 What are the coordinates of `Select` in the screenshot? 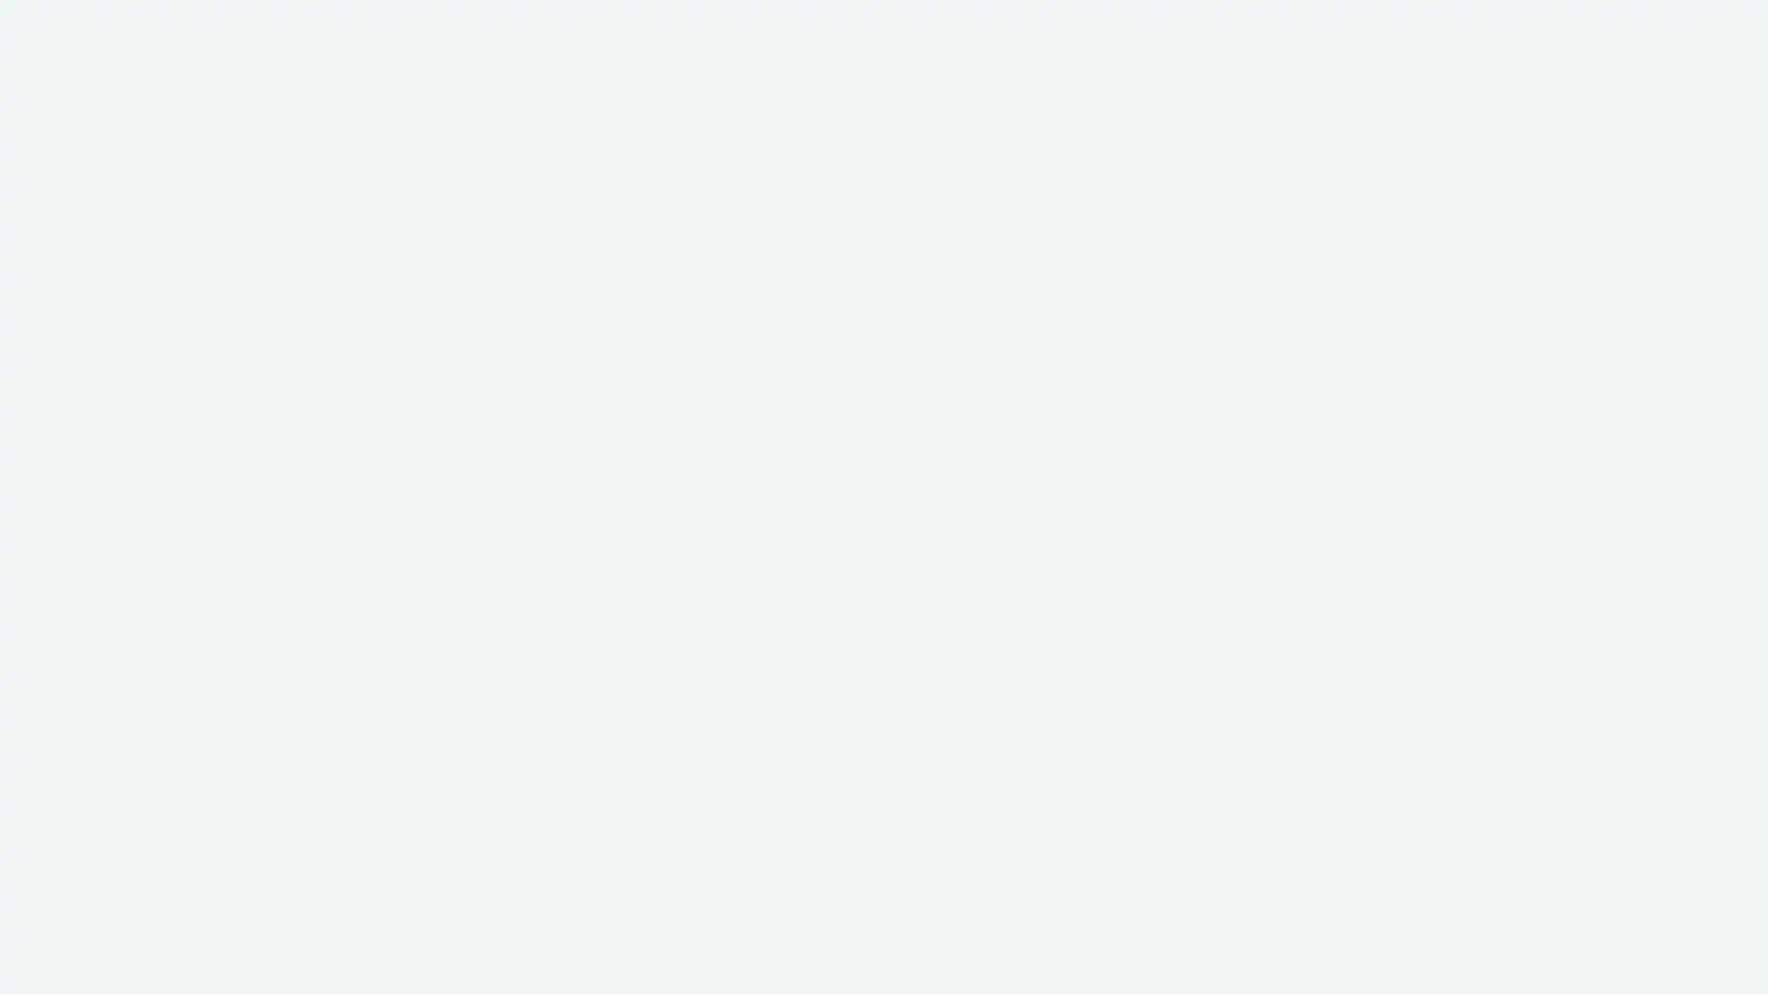 It's located at (498, 717).